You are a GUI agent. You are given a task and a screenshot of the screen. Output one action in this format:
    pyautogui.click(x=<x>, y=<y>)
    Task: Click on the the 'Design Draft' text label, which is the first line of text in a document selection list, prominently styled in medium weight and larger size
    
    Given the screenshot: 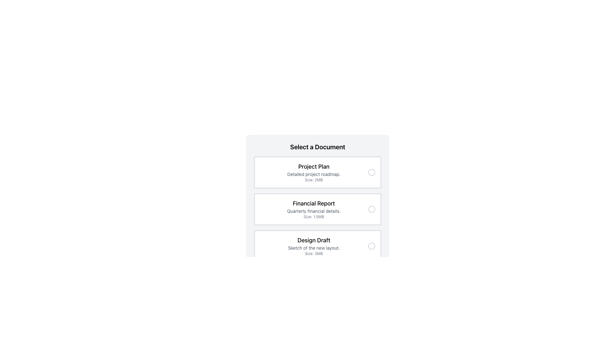 What is the action you would take?
    pyautogui.click(x=314, y=240)
    